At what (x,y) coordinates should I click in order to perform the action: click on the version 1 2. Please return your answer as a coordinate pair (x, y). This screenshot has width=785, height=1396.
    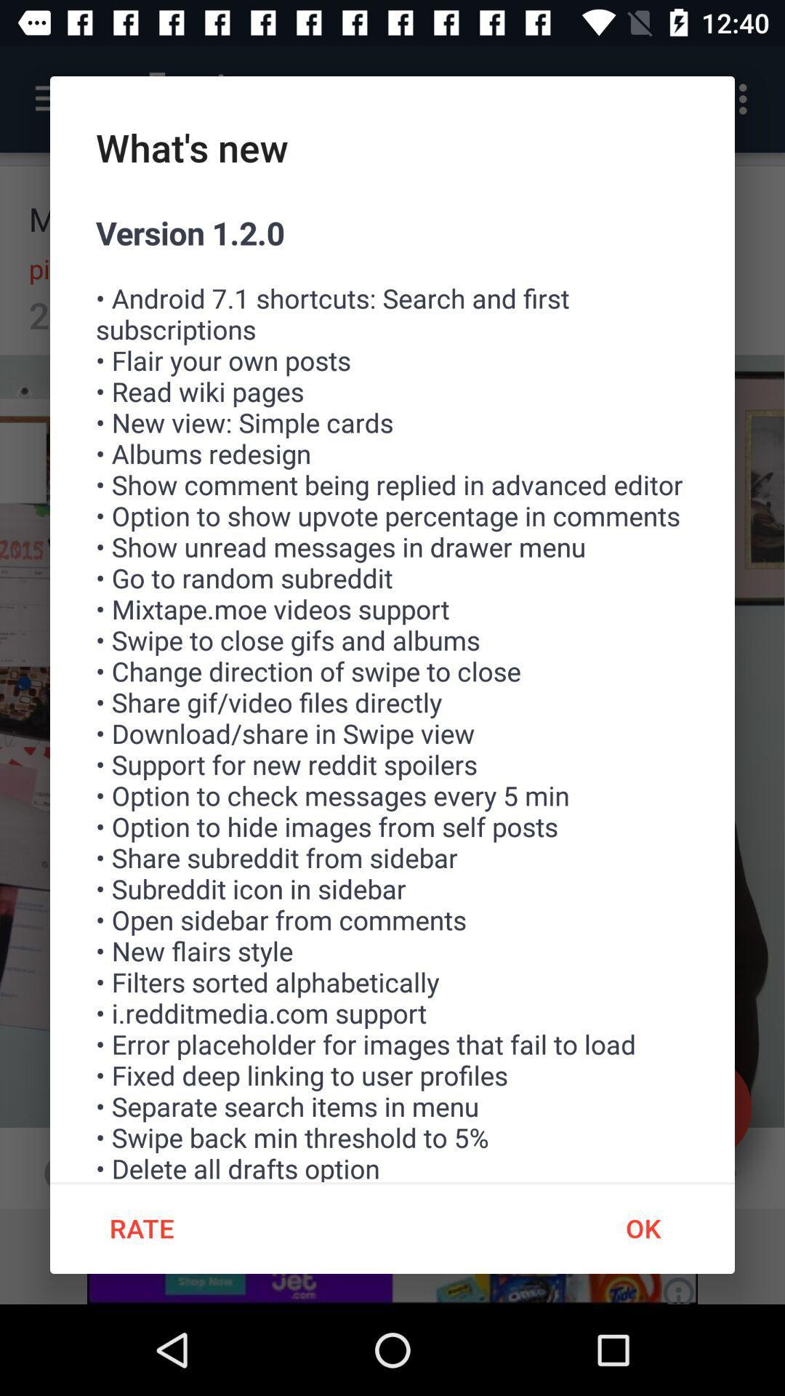
    Looking at the image, I should click on (392, 696).